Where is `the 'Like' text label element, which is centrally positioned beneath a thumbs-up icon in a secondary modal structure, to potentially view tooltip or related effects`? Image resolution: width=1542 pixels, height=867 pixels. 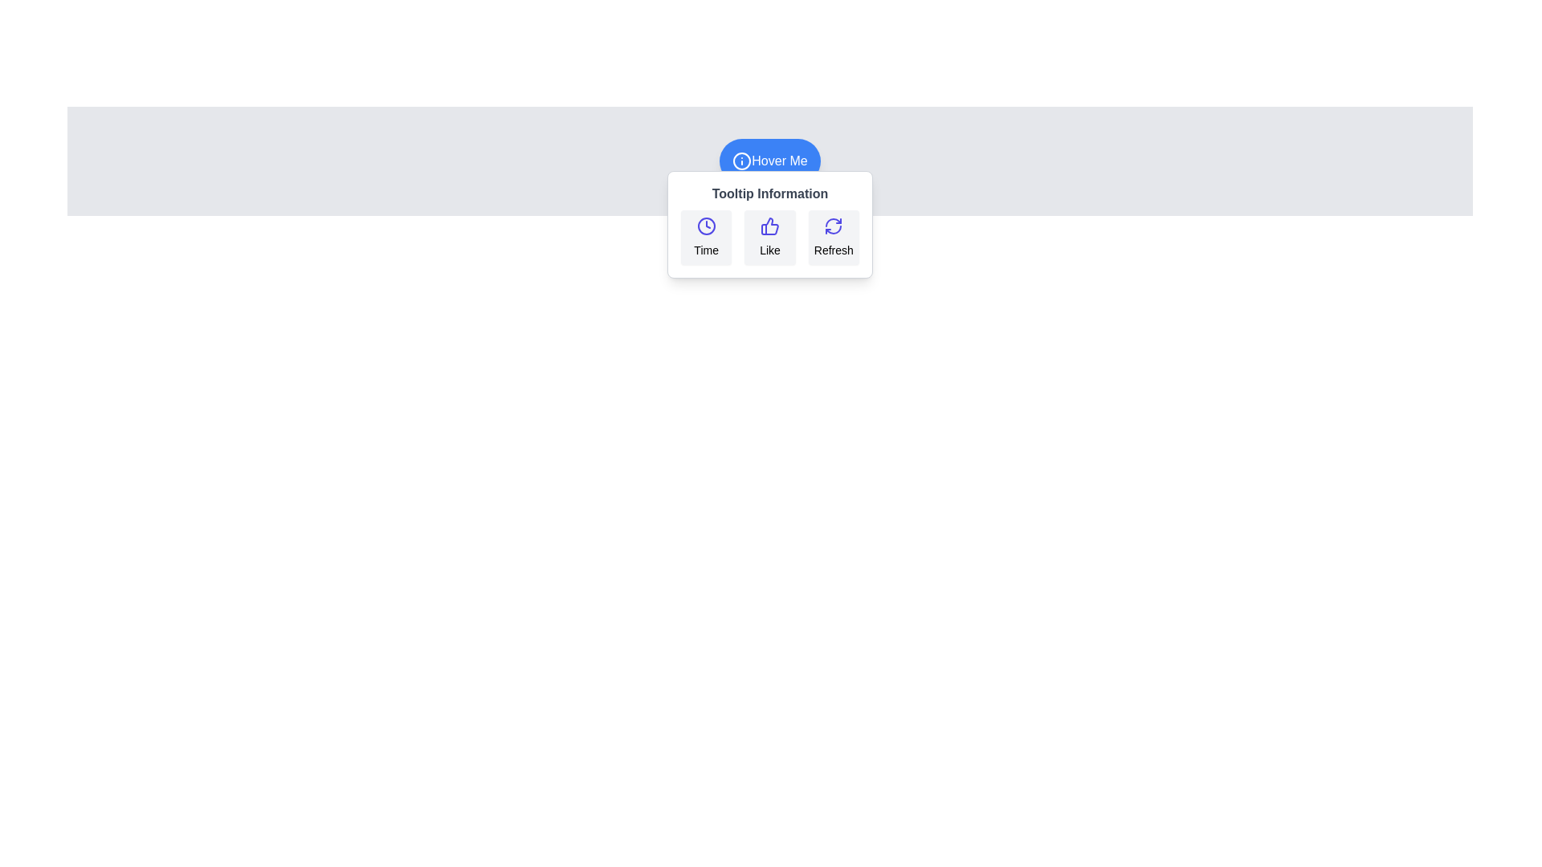
the 'Like' text label element, which is centrally positioned beneath a thumbs-up icon in a secondary modal structure, to potentially view tooltip or related effects is located at coordinates (769, 250).